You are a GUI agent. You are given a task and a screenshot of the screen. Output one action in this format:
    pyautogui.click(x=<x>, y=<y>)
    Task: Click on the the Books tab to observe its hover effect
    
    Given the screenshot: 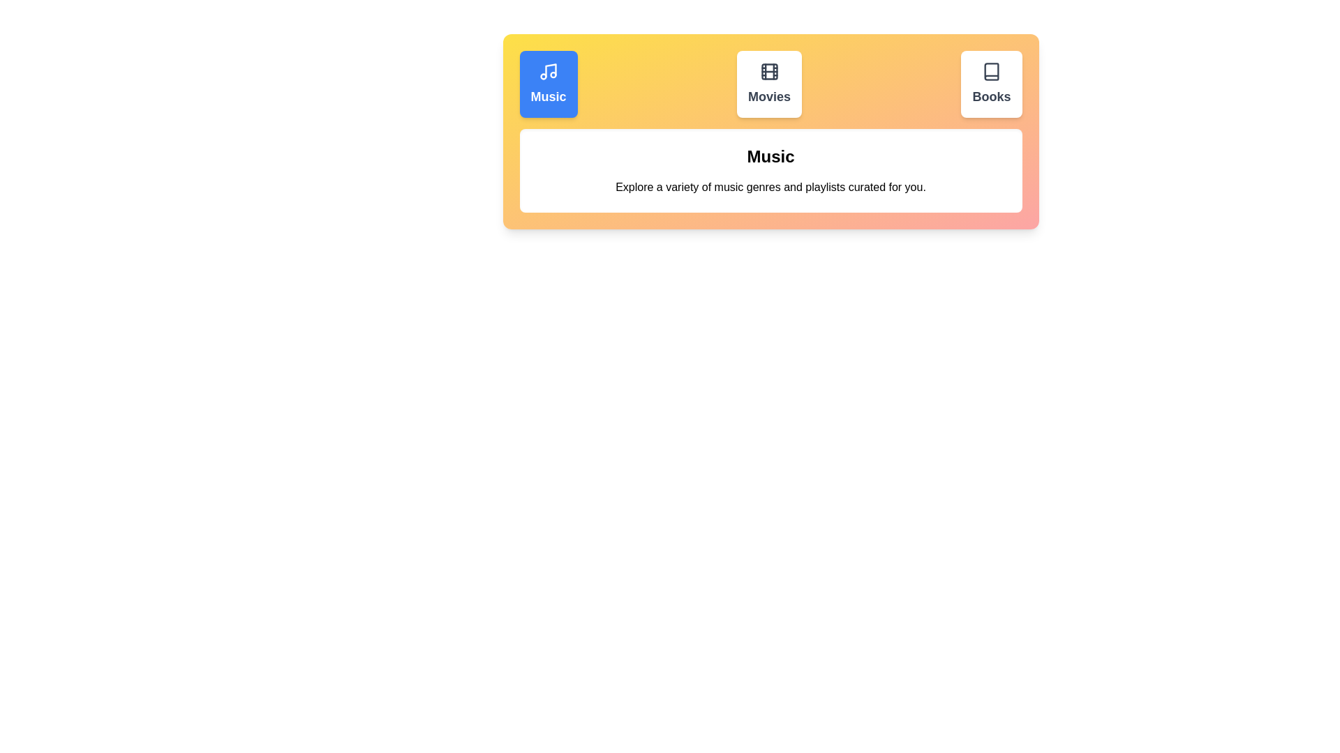 What is the action you would take?
    pyautogui.click(x=990, y=84)
    